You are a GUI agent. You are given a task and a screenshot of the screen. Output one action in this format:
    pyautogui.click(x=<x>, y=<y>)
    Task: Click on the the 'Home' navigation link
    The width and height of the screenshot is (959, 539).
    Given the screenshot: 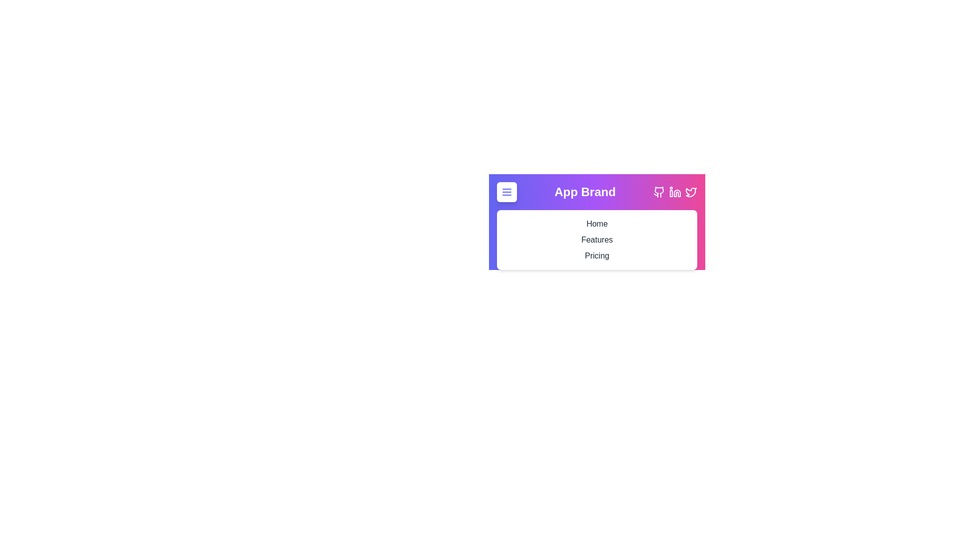 What is the action you would take?
    pyautogui.click(x=597, y=223)
    